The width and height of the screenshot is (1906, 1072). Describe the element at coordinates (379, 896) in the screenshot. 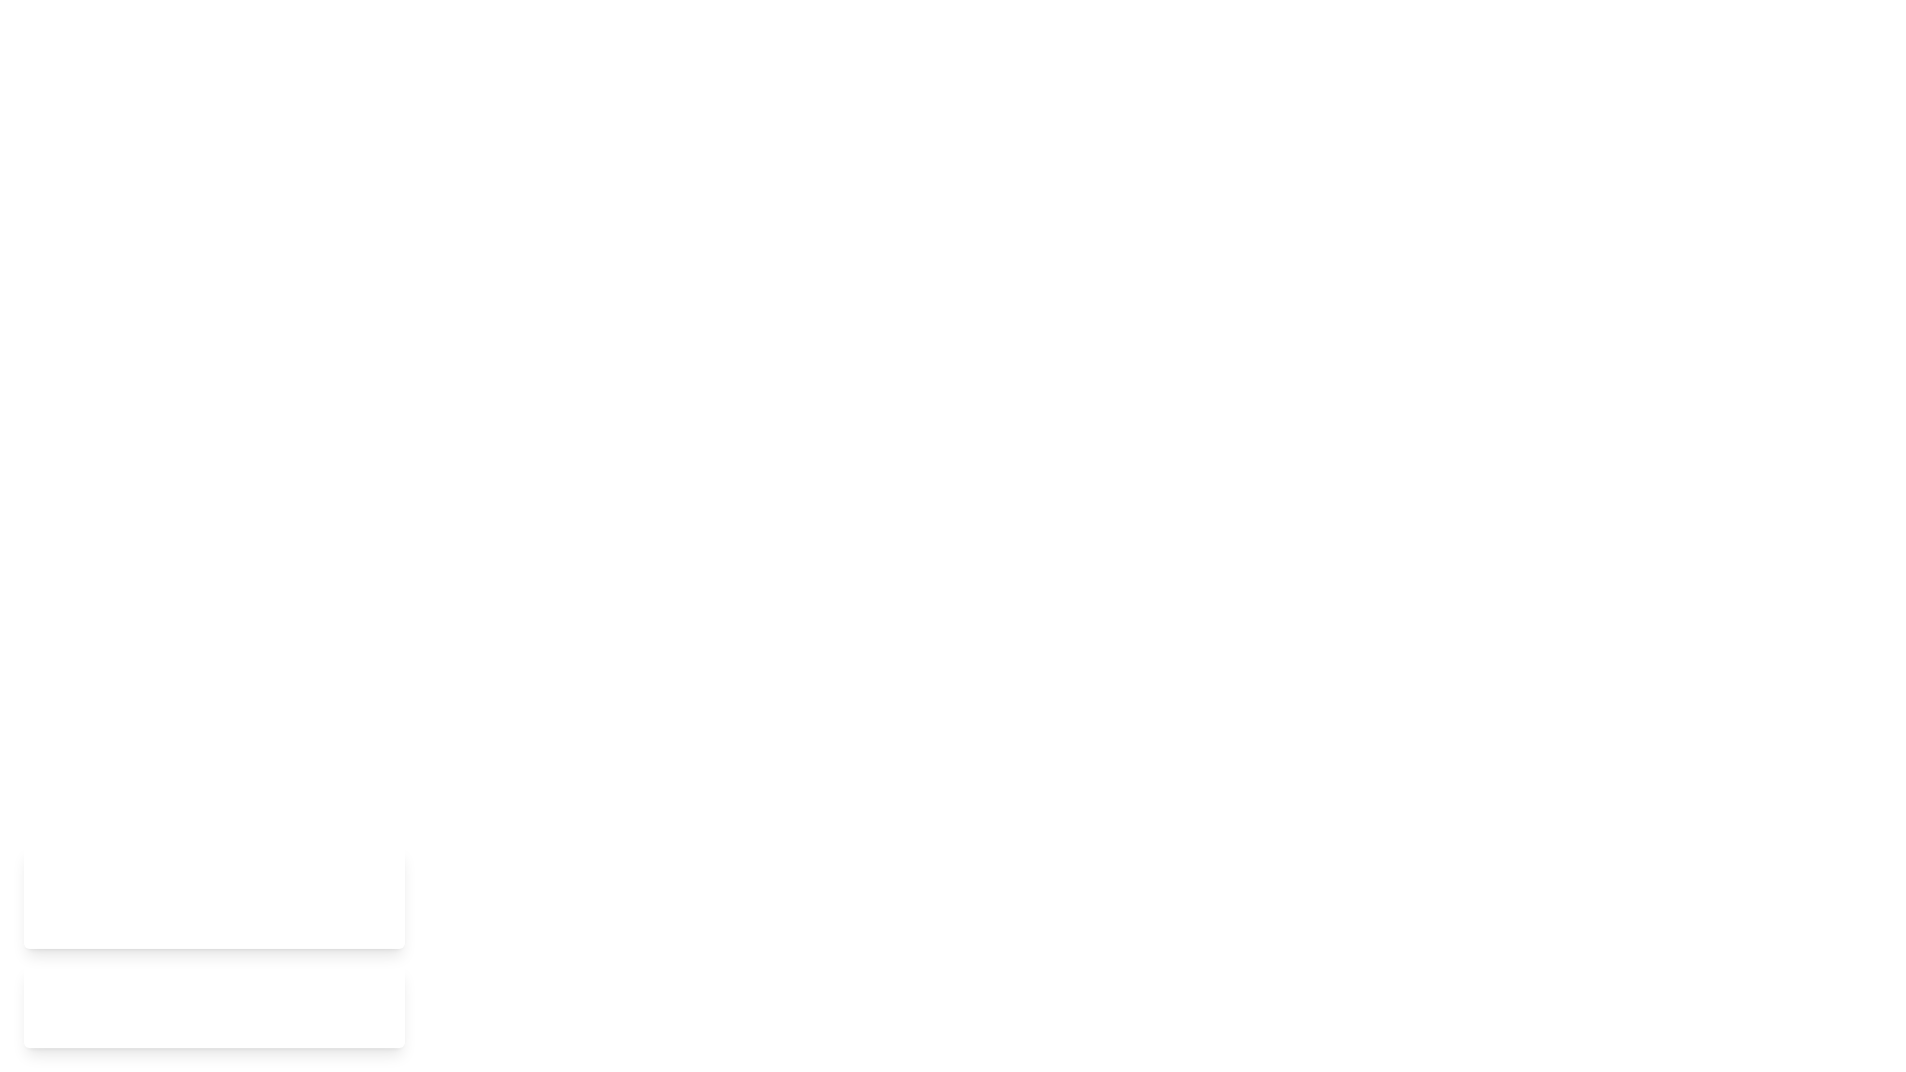

I see `the close button of the notification with title System Error` at that location.